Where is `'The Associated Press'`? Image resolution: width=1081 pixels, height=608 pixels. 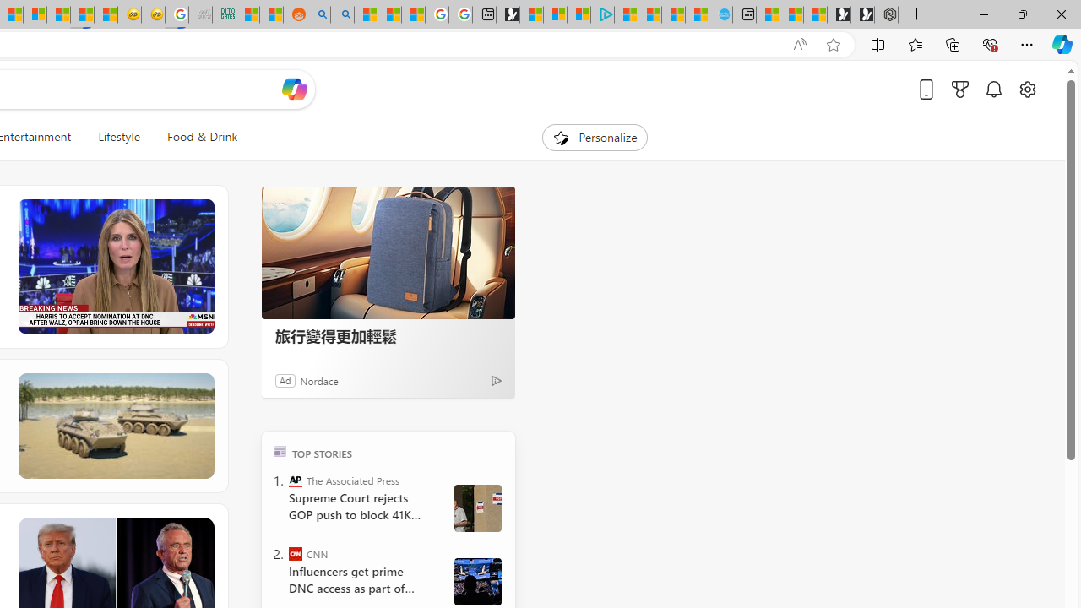
'The Associated Press' is located at coordinates (296, 480).